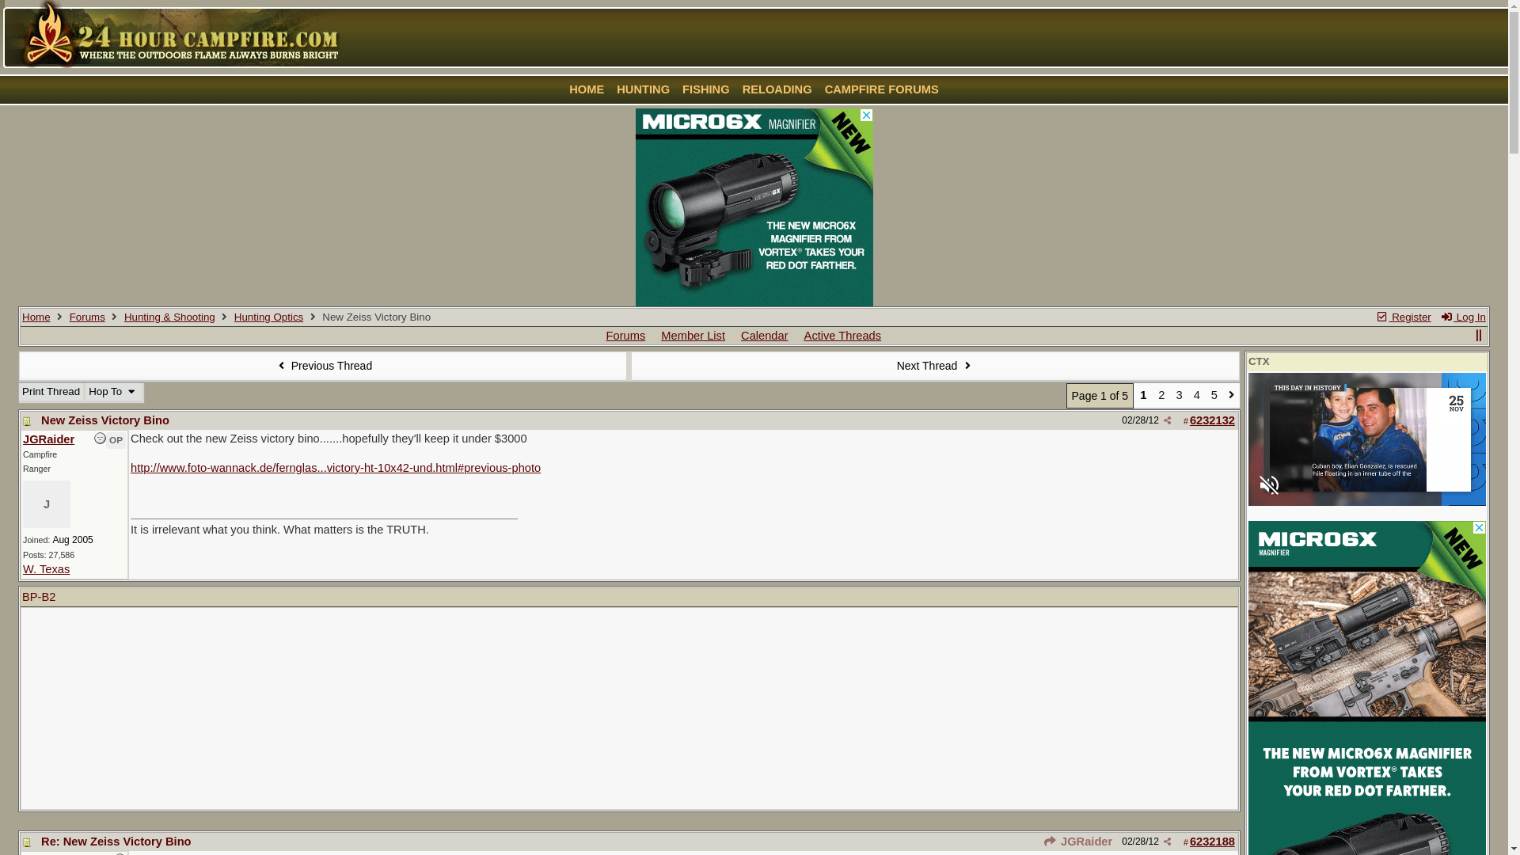  What do you see at coordinates (1214, 395) in the screenshot?
I see `'5'` at bounding box center [1214, 395].